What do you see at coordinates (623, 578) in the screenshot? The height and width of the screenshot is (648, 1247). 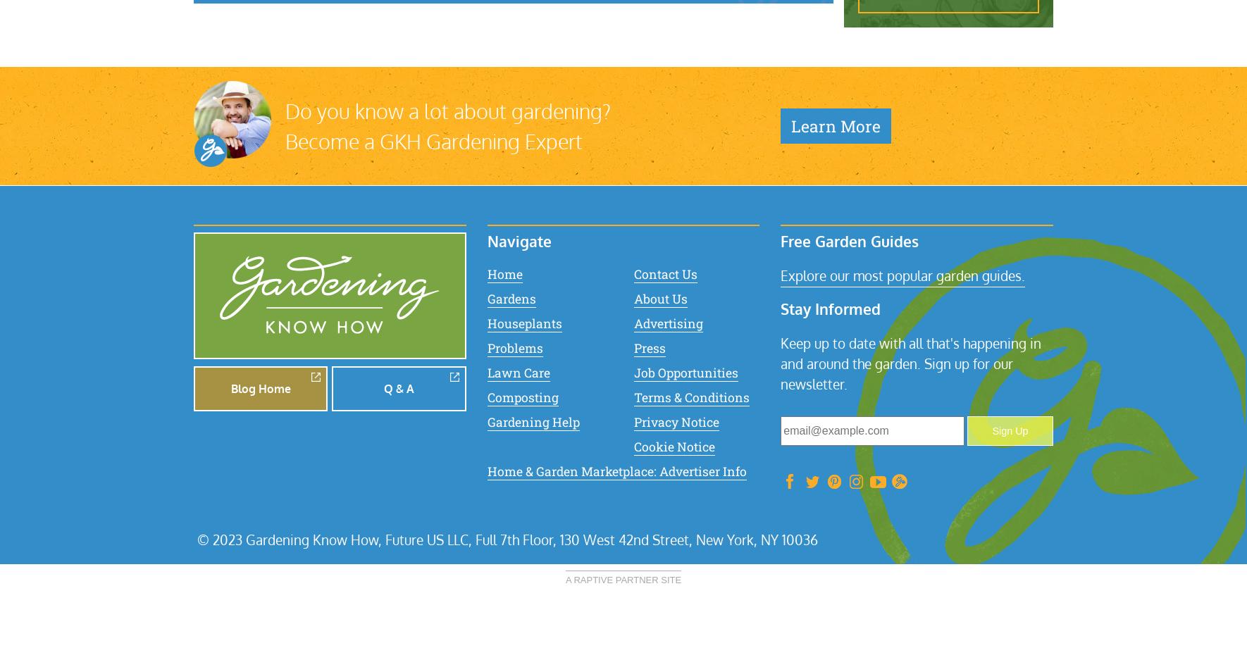 I see `'A Raptive Partner Site'` at bounding box center [623, 578].